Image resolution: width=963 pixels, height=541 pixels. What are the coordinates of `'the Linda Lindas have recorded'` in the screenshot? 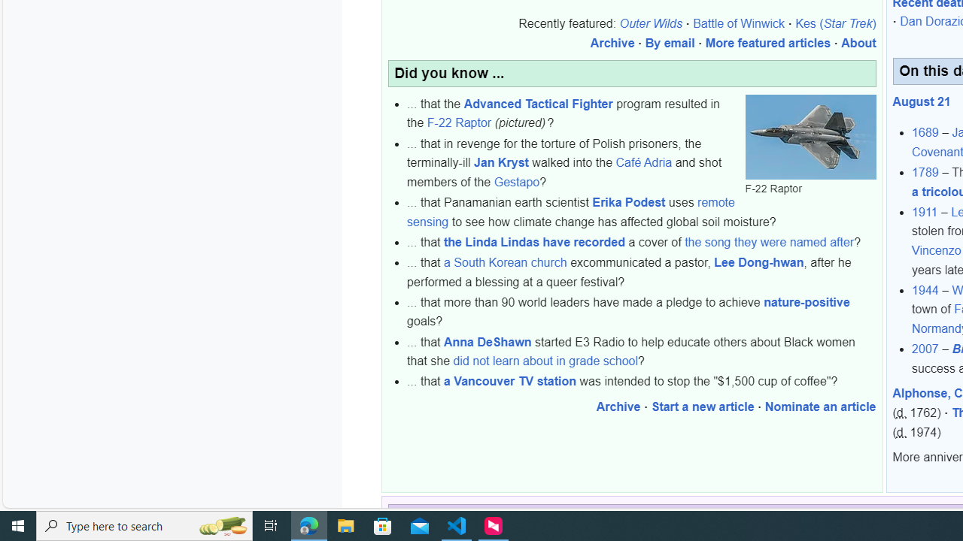 It's located at (534, 241).